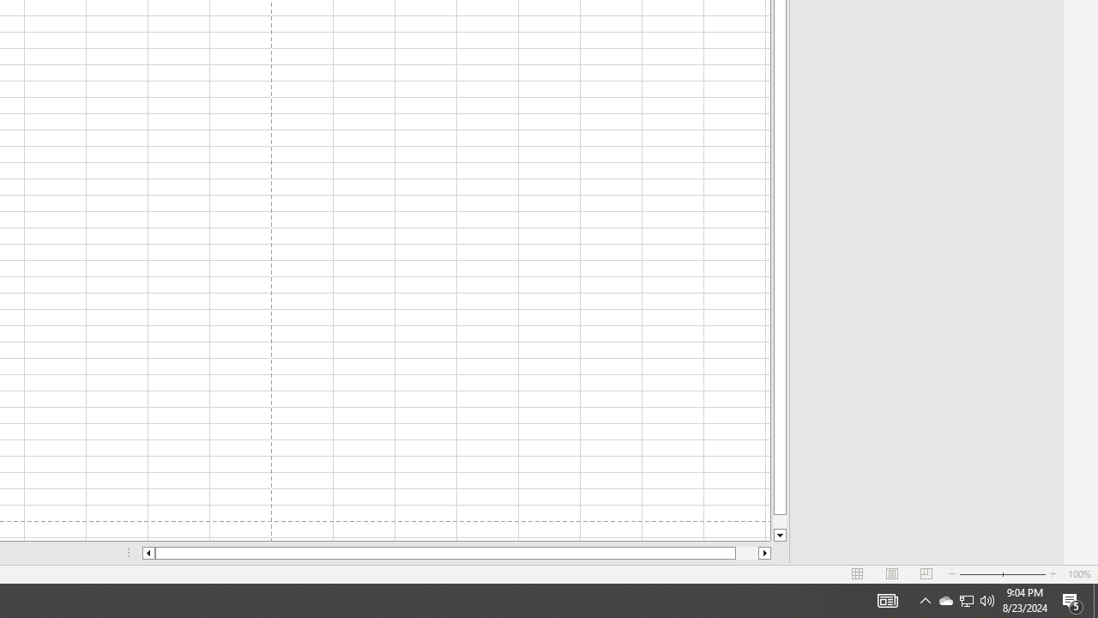 The image size is (1098, 618). What do you see at coordinates (925, 574) in the screenshot?
I see `'Page Break Preview'` at bounding box center [925, 574].